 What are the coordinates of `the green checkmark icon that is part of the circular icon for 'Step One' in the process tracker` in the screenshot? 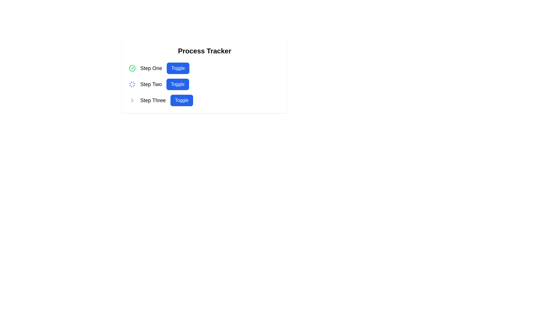 It's located at (132, 68).